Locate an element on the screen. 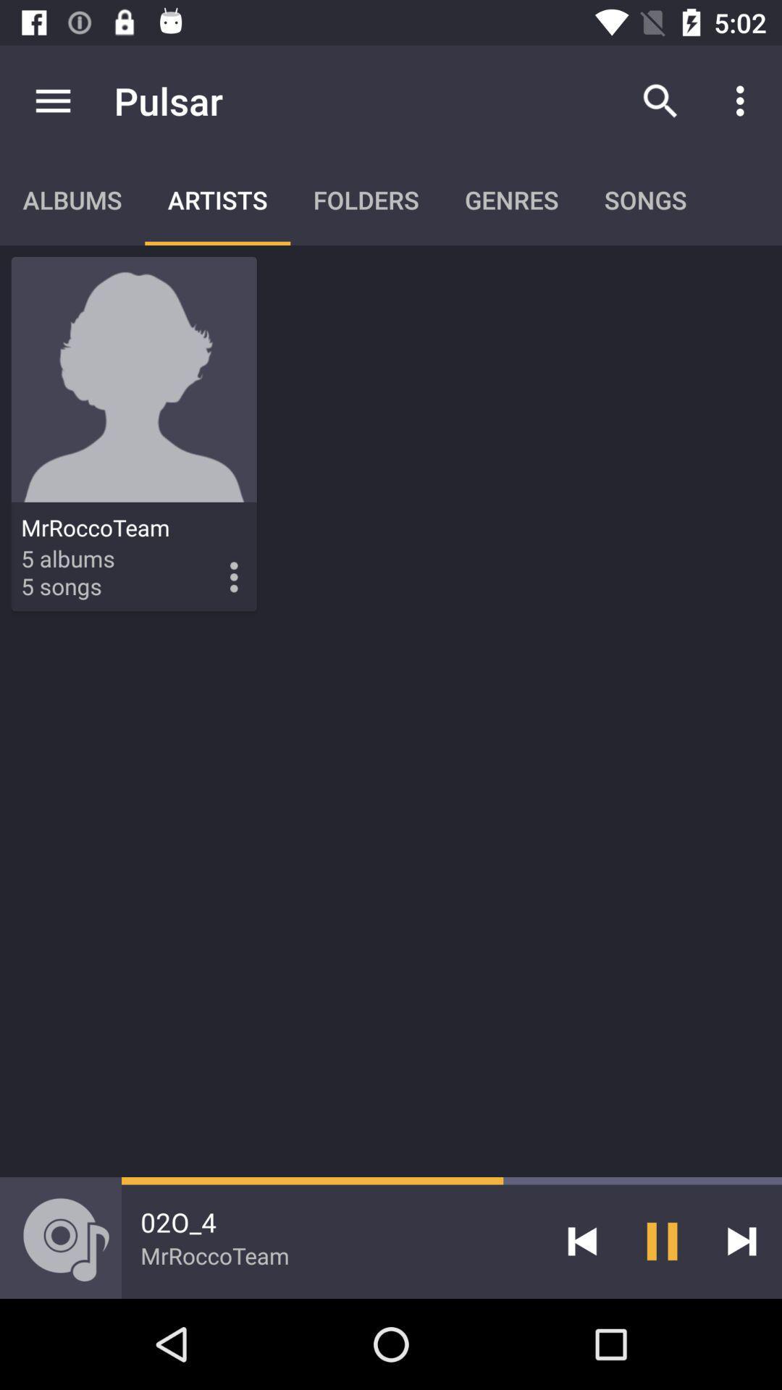  the icon next to pulsar is located at coordinates (52, 100).